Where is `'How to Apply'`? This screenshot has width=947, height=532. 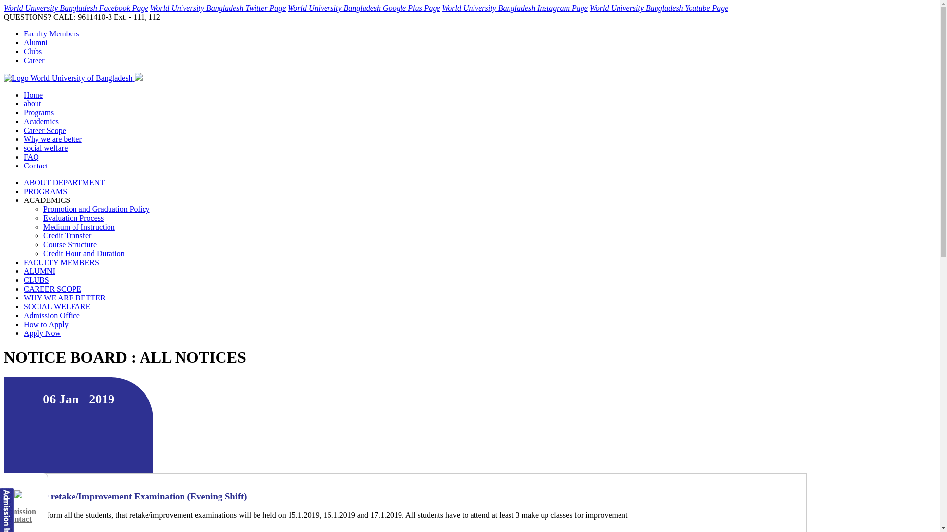
'How to Apply' is located at coordinates (45, 324).